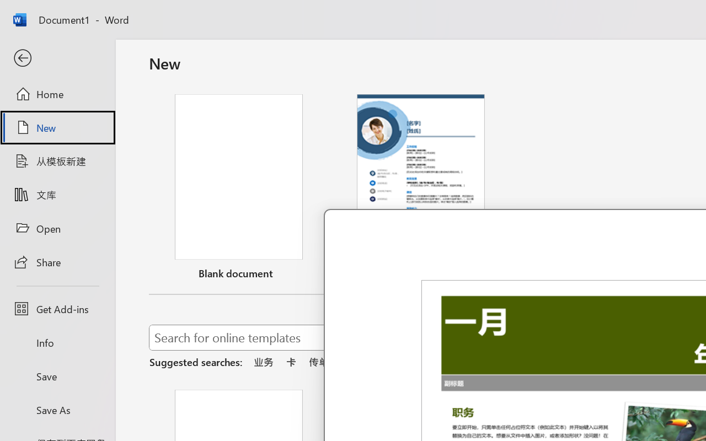 The width and height of the screenshot is (706, 441). Describe the element at coordinates (57, 58) in the screenshot. I see `'Back'` at that location.